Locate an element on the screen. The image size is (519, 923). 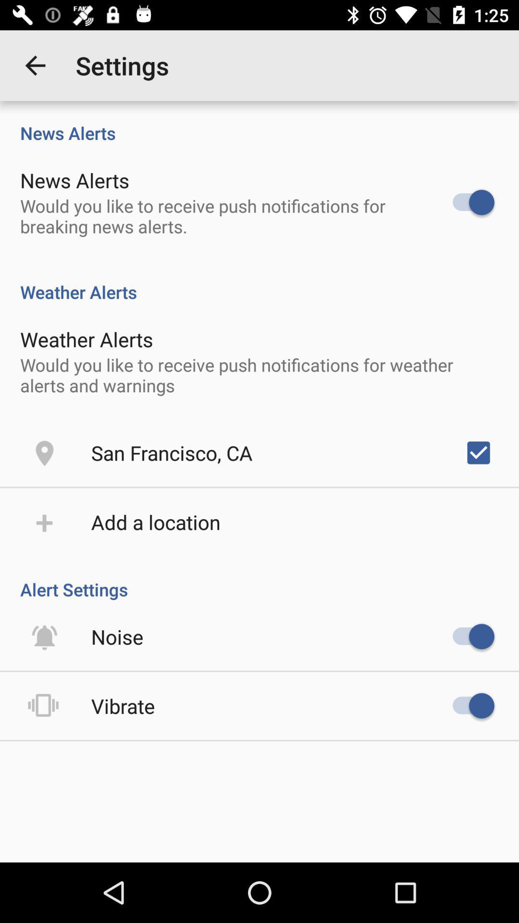
the icon above add a location item is located at coordinates (171, 452).